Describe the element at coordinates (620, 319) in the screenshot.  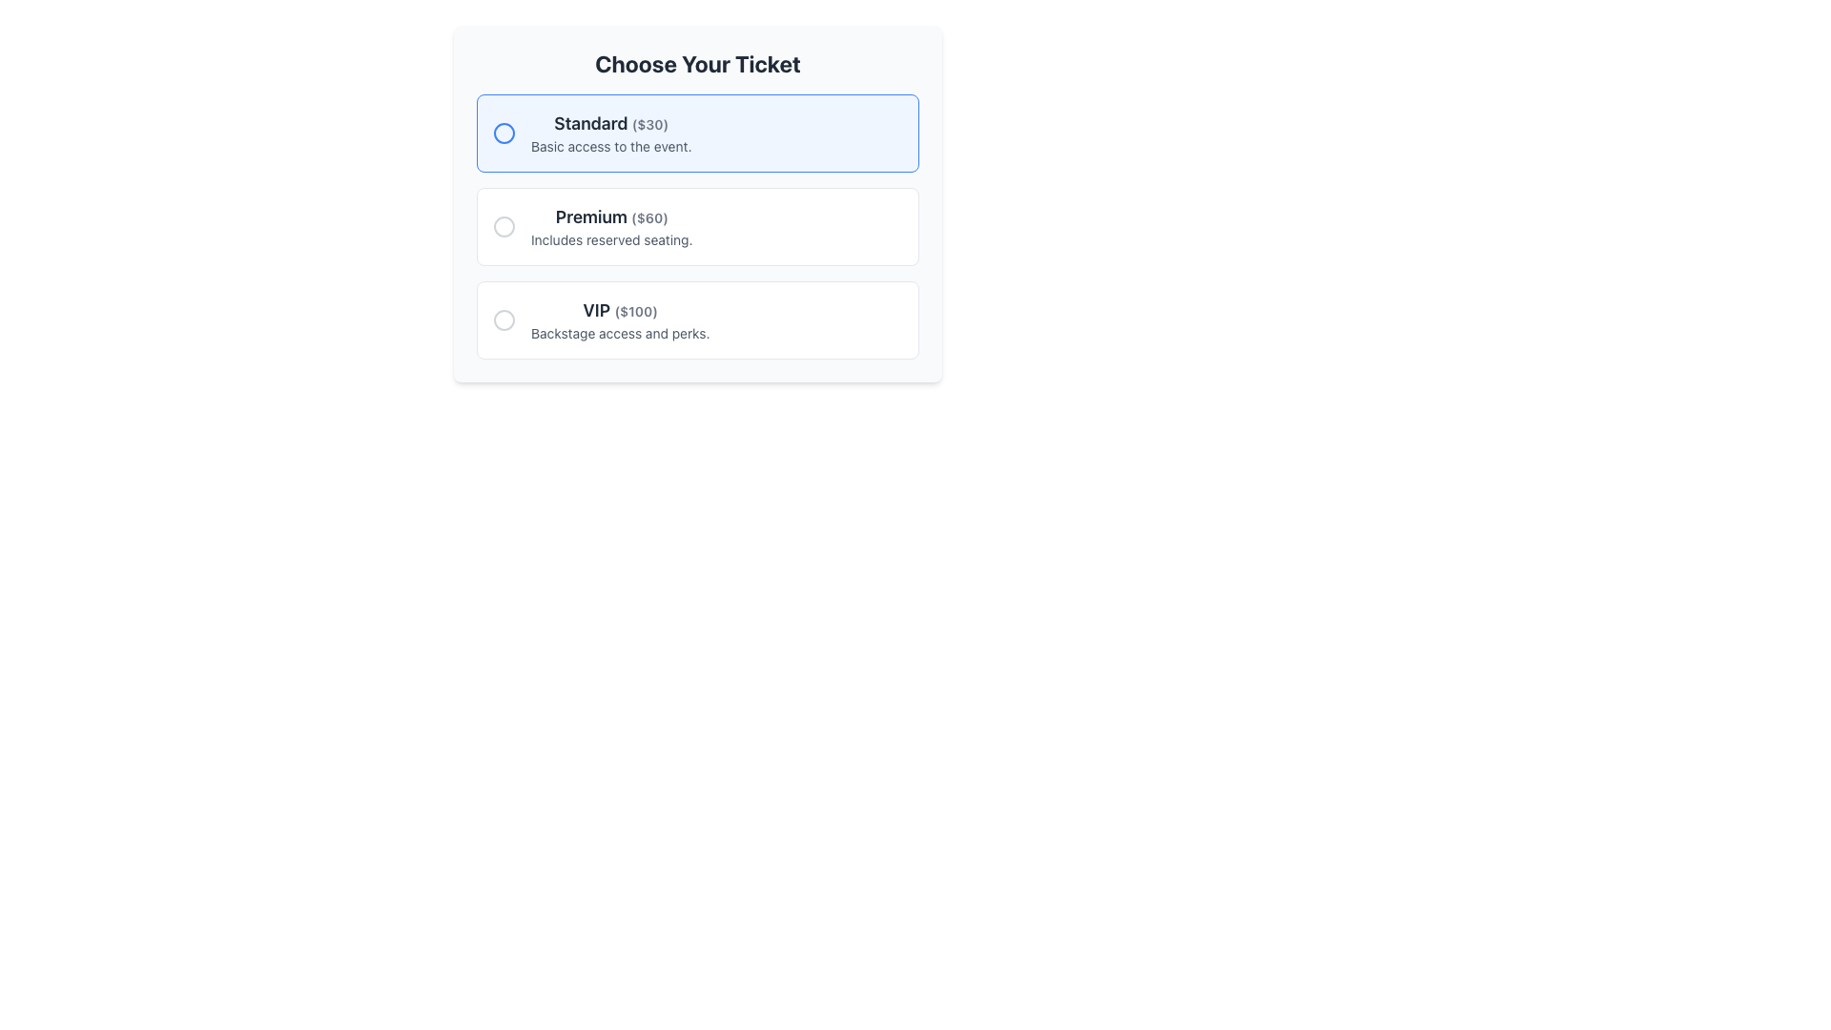
I see `the Description Box displaying 'VIP ($100)' with the accompanying text 'Backstage access and perks.'` at that location.